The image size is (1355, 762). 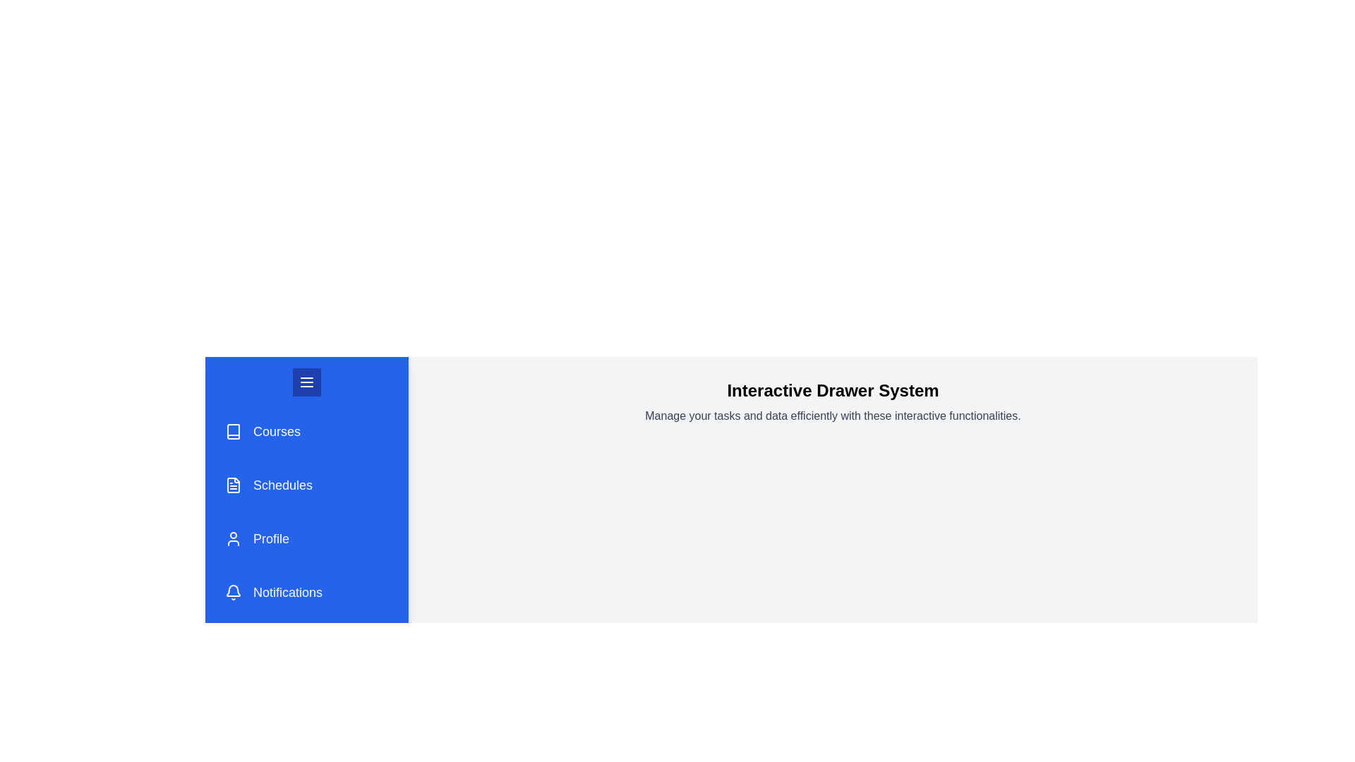 What do you see at coordinates (306, 484) in the screenshot?
I see `the 'Schedules' menu item in the drawer` at bounding box center [306, 484].